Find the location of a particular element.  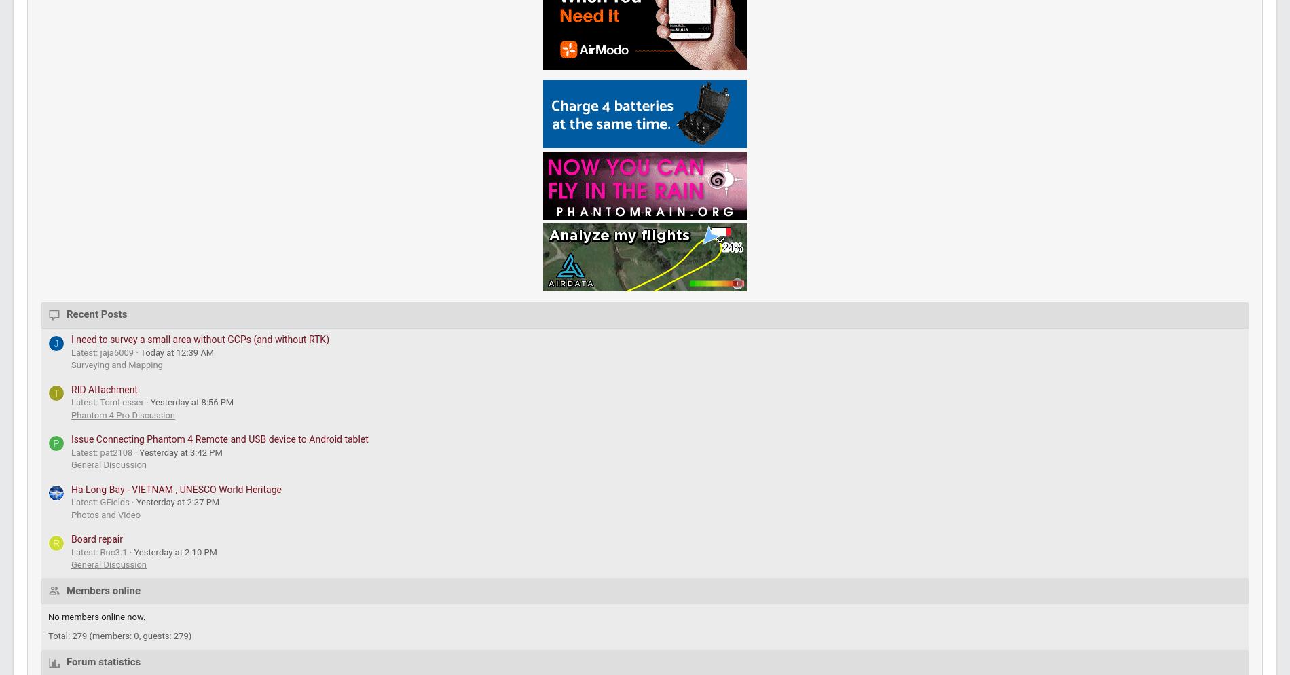

'PhantomPilots is the leading online community for DJI Phantom drone enthusiasts and a member of the' is located at coordinates (304, 348).